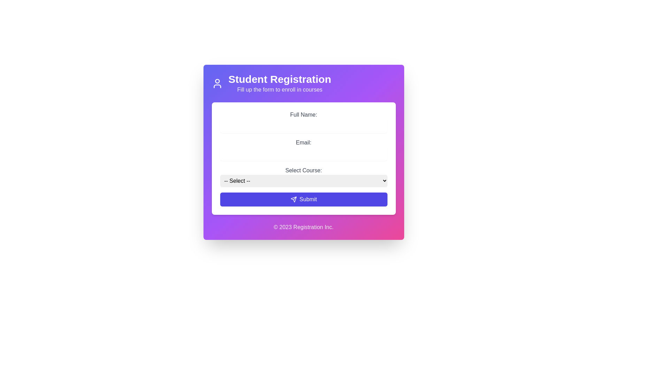 Image resolution: width=669 pixels, height=376 pixels. I want to click on the 'Email:' label, which is styled with a gray font color and positioned above the email input field in the student registration form, so click(303, 142).